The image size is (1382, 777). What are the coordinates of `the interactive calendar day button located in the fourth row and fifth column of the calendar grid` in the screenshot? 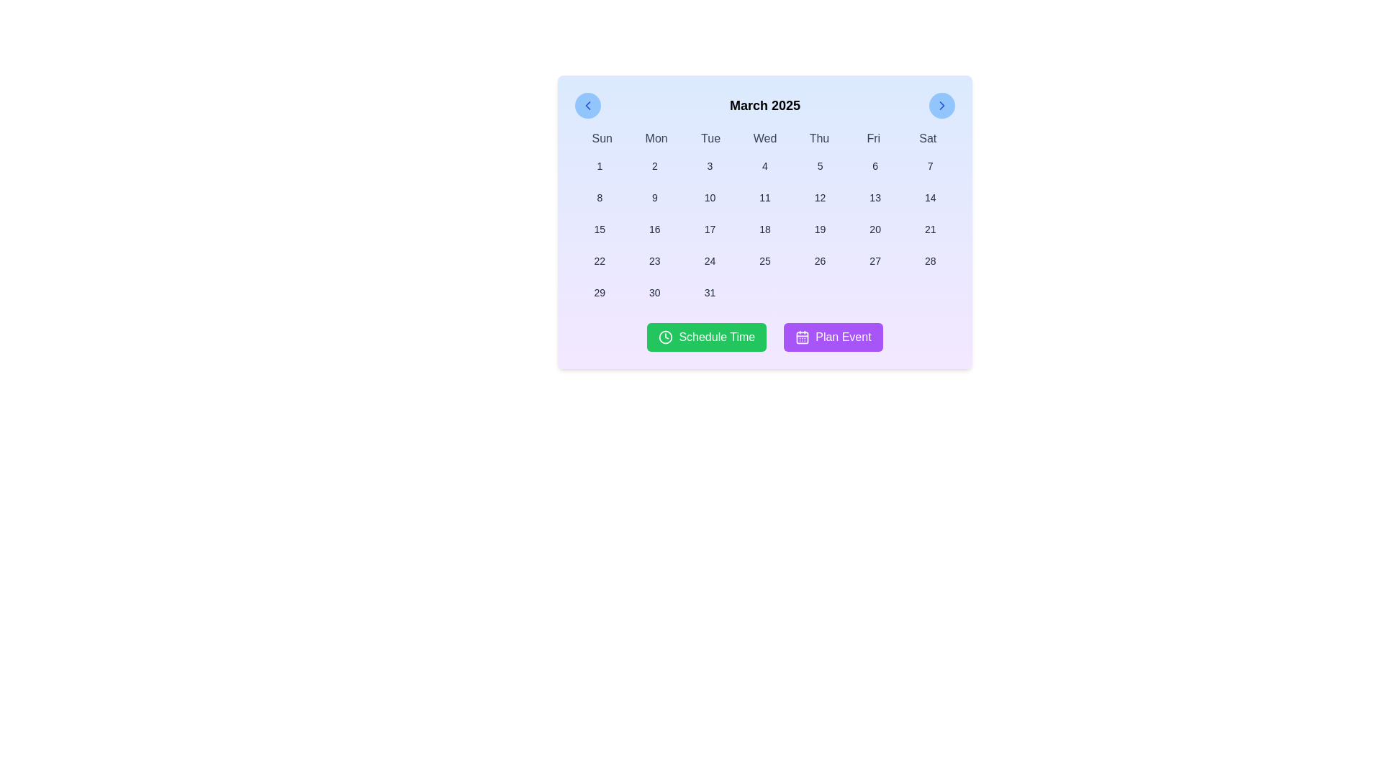 It's located at (875, 260).